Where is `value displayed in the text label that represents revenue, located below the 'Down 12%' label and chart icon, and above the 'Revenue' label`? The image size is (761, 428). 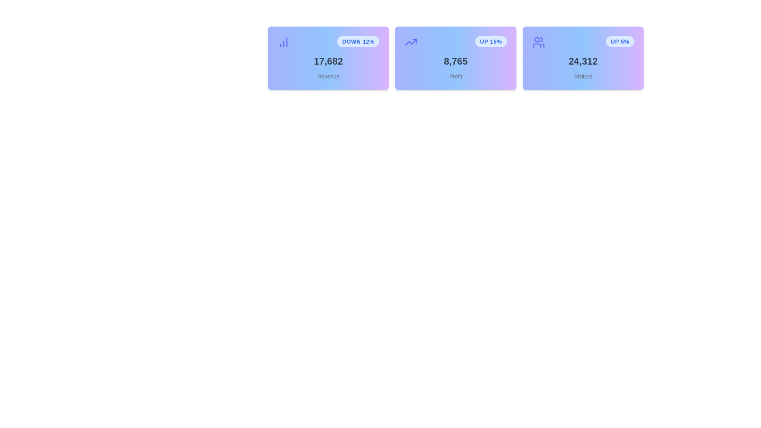 value displayed in the text label that represents revenue, located below the 'Down 12%' label and chart icon, and above the 'Revenue' label is located at coordinates (328, 61).